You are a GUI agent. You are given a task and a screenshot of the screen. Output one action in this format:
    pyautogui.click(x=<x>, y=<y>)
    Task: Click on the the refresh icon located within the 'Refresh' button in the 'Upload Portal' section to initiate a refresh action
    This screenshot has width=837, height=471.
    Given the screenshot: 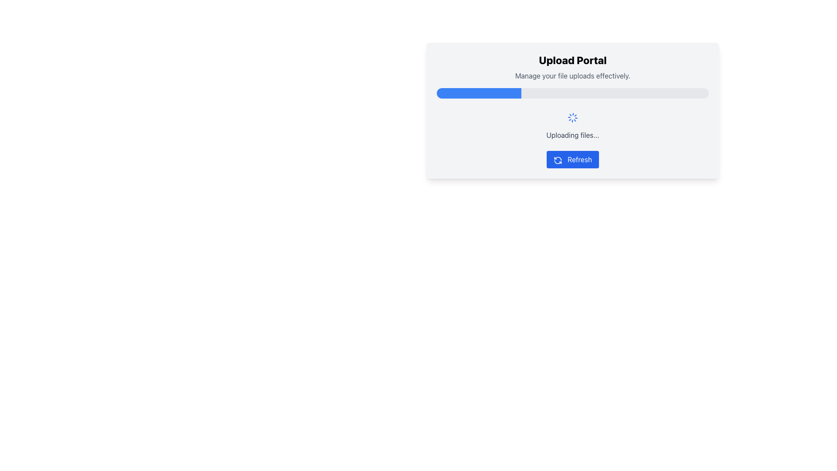 What is the action you would take?
    pyautogui.click(x=558, y=160)
    